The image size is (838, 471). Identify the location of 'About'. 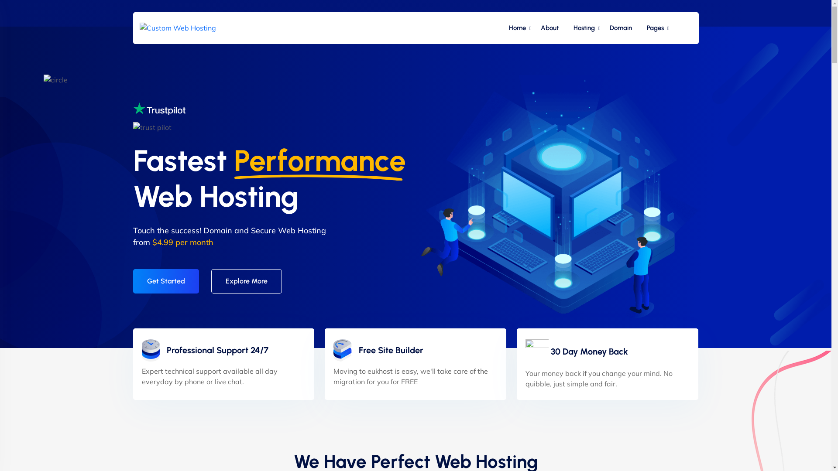
(549, 27).